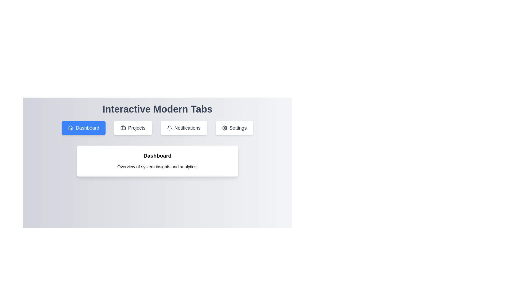  Describe the element at coordinates (169, 127) in the screenshot. I see `the main body of the bell icon, which is part of a notification symbol, positioned below the top segment of the bell structure` at that location.